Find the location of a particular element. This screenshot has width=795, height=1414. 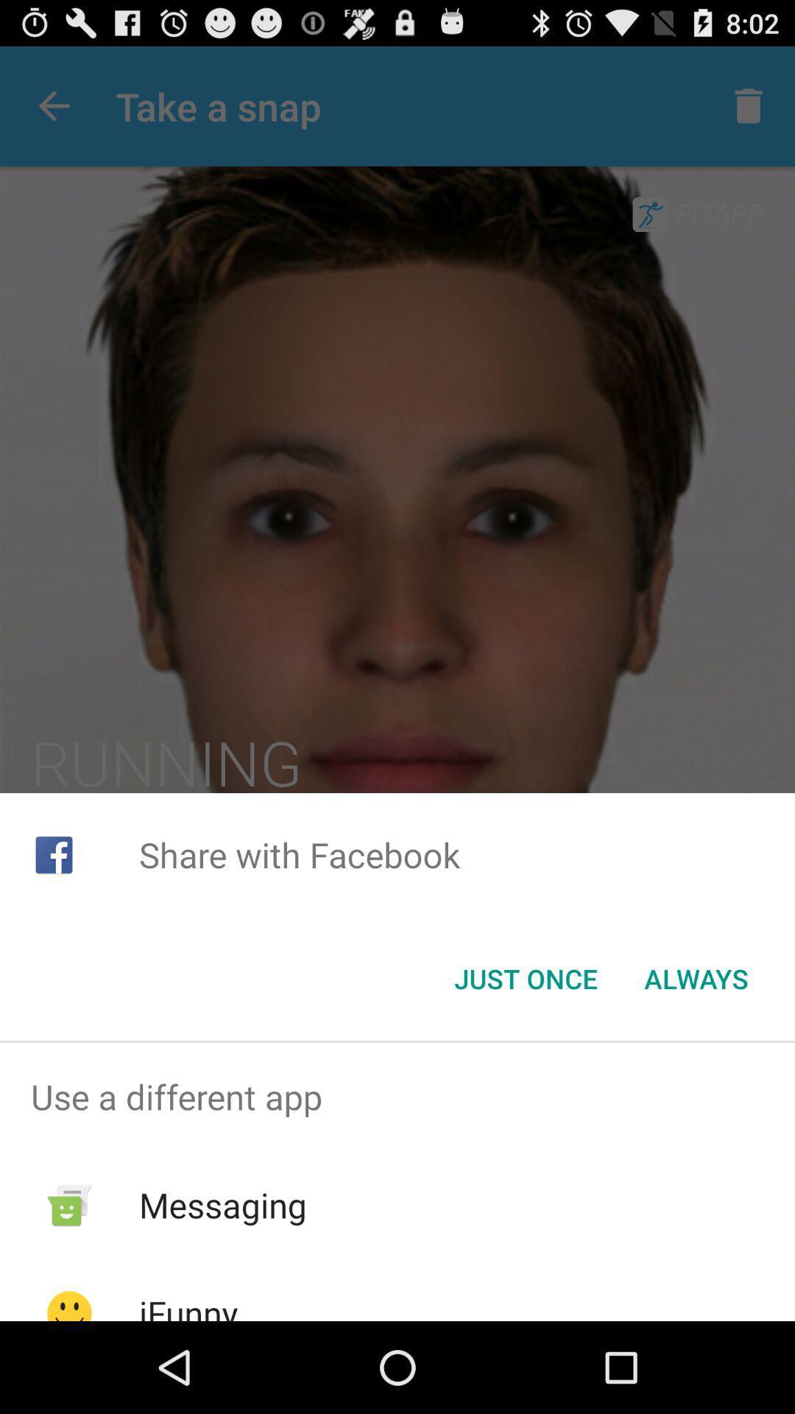

item above messaging app is located at coordinates (397, 1097).